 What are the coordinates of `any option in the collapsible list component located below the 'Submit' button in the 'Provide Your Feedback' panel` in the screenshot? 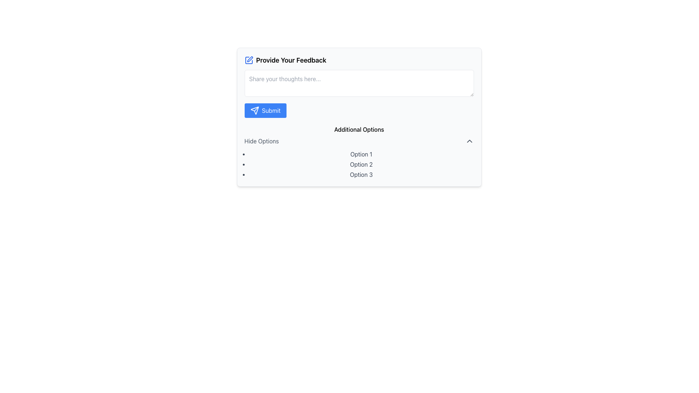 It's located at (359, 151).